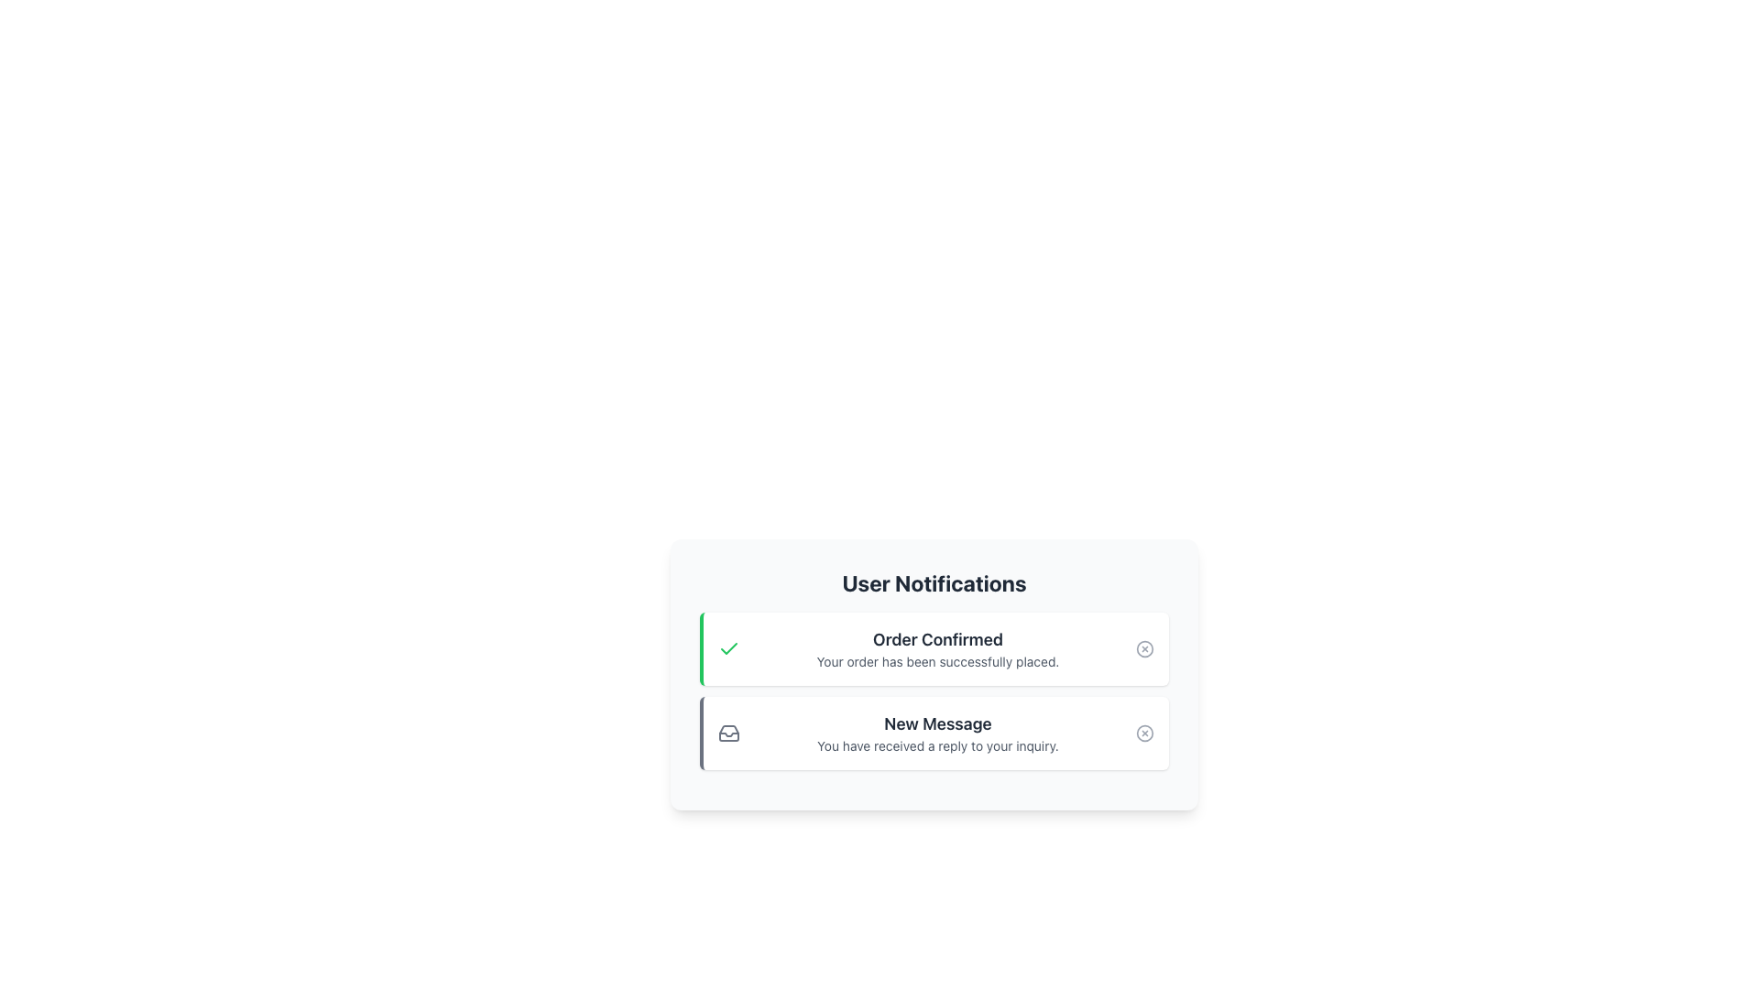 The height and width of the screenshot is (989, 1759). Describe the element at coordinates (728, 647) in the screenshot. I see `the green checkmark-shaped icon in the 'Order Confirmed' section of user notifications, located in the top notification card adjacent to the text 'Order Confirmed'` at that location.